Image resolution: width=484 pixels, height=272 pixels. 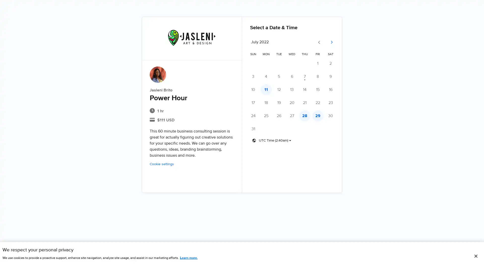 What do you see at coordinates (331, 89) in the screenshot?
I see `Saturday, July 16 - No times available` at bounding box center [331, 89].